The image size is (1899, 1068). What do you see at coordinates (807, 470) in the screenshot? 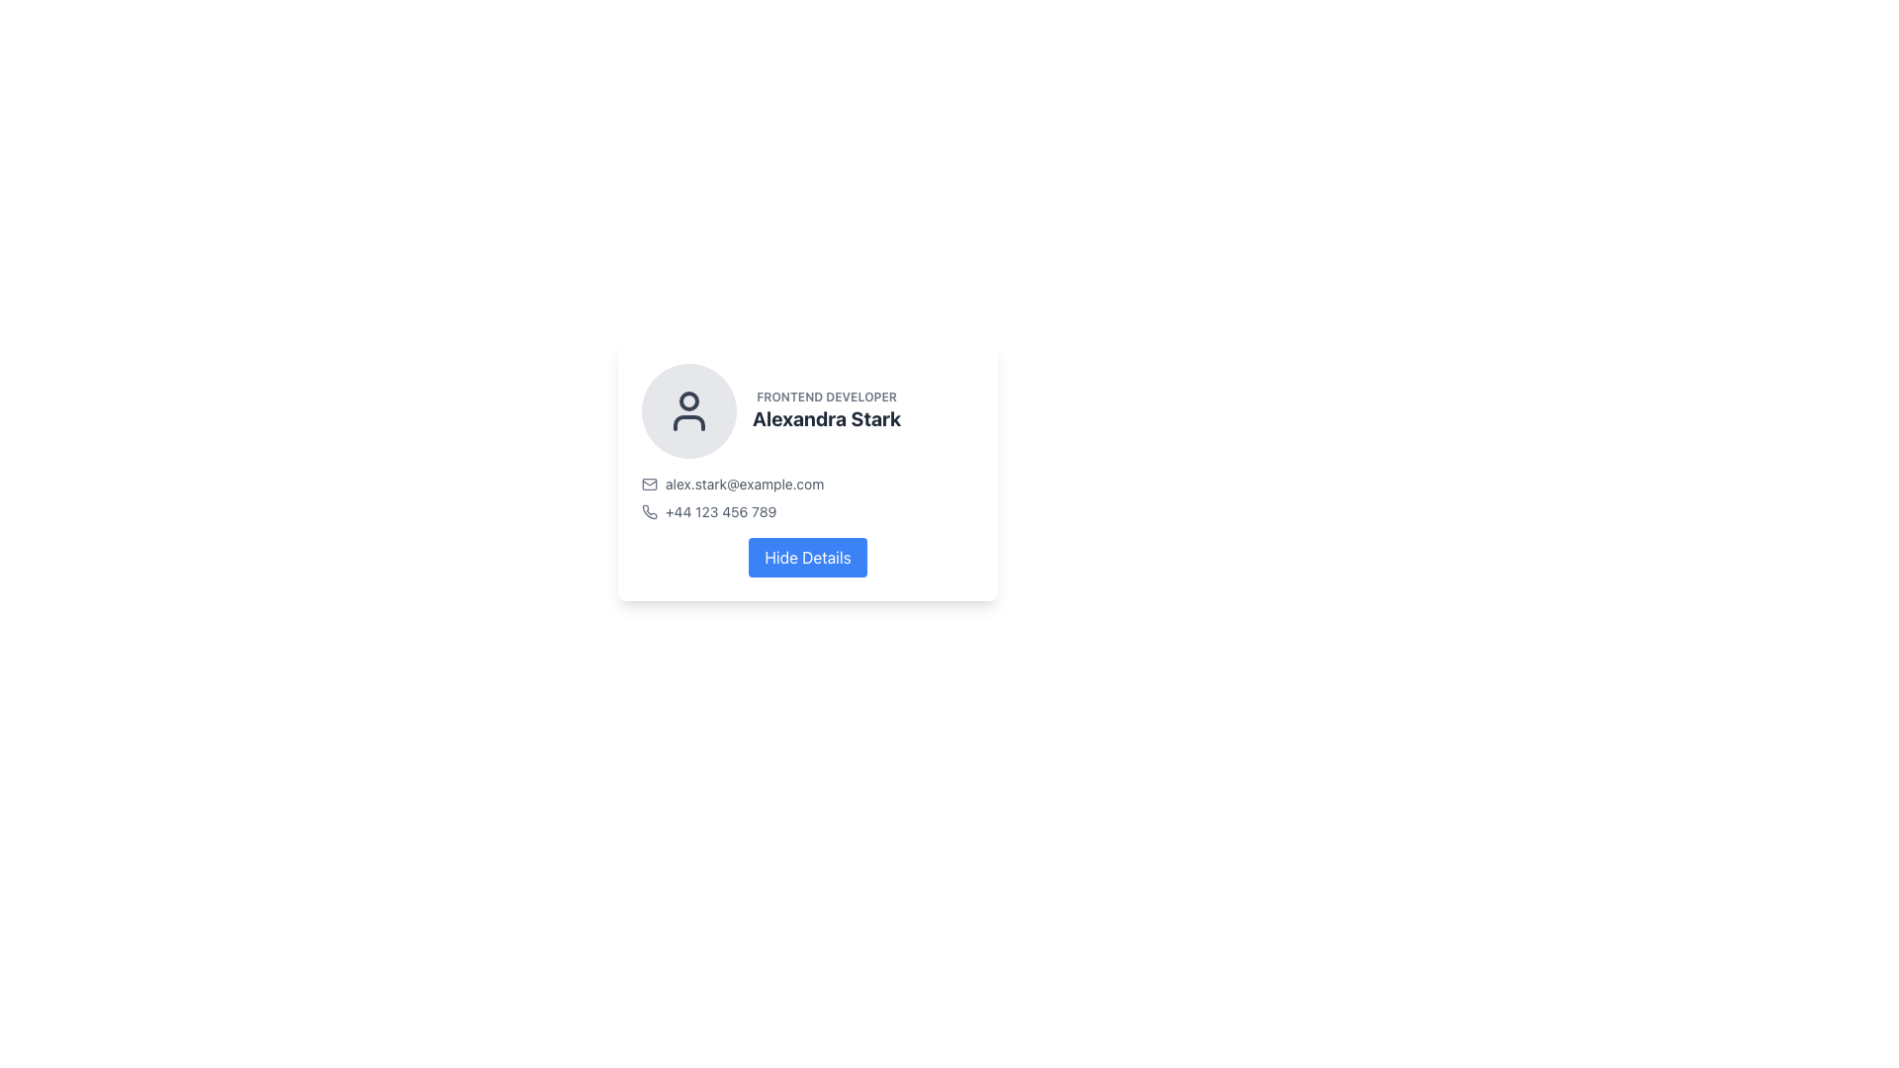
I see `the email address link located within the card that features a white background and contains the title 'Frontend Developer' and the name 'Alexandra Stark'` at bounding box center [807, 470].